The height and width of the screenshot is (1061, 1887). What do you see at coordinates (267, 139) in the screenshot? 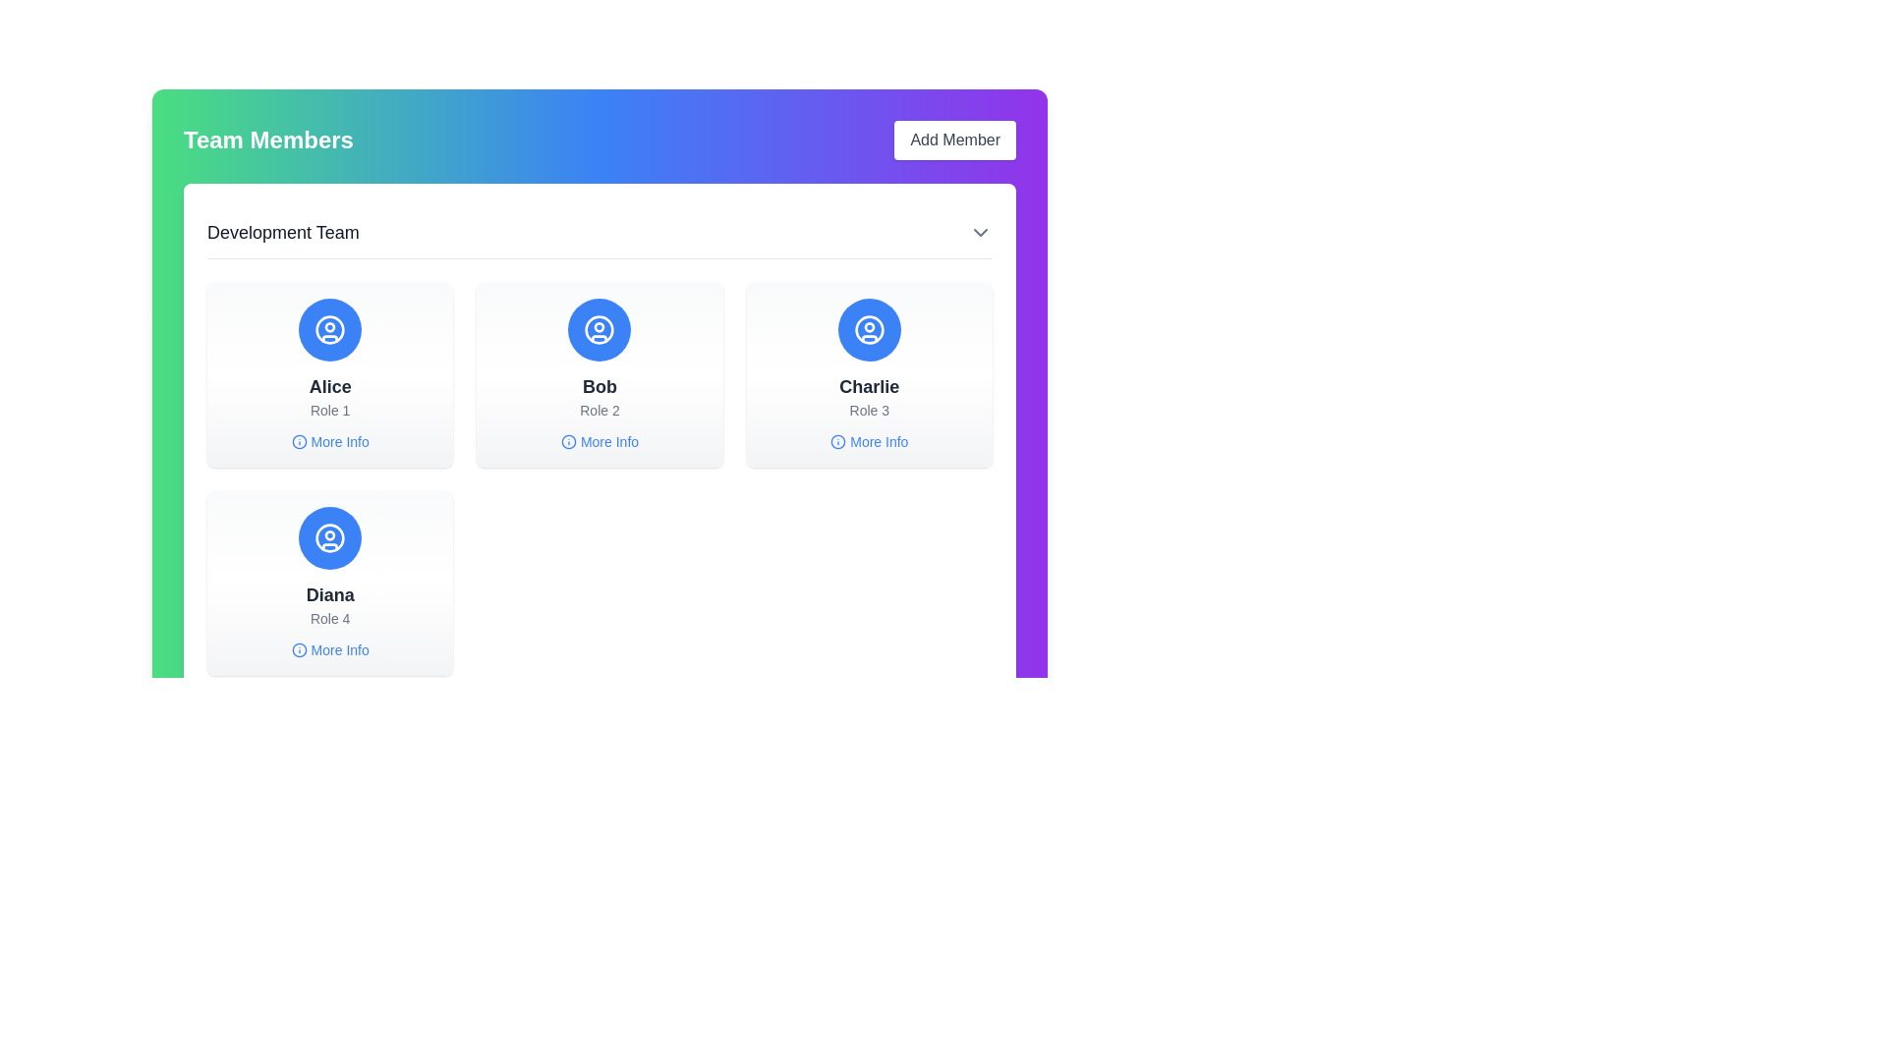
I see `the Text Label that serves as a static header indicating team member information, positioned at the upper-left corner of the interface` at bounding box center [267, 139].